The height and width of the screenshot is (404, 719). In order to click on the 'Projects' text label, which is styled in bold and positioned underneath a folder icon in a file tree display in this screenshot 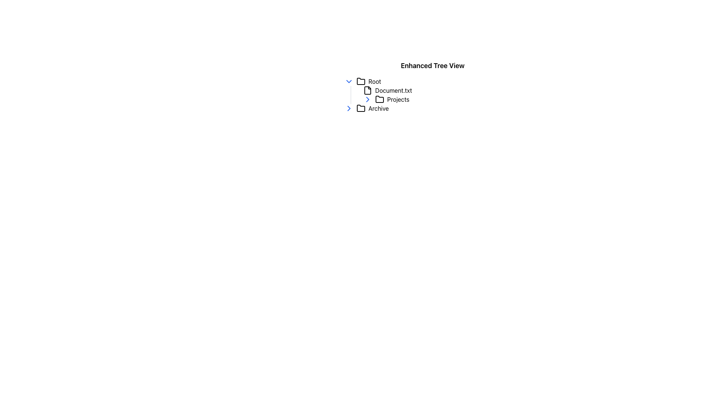, I will do `click(398, 99)`.